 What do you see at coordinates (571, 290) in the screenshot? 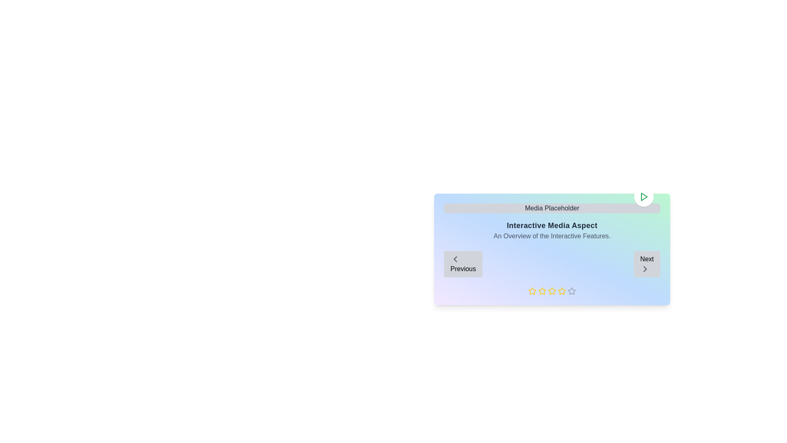
I see `the unselected star-shaped rating option, which is the eighth star in a row of nine stars` at bounding box center [571, 290].